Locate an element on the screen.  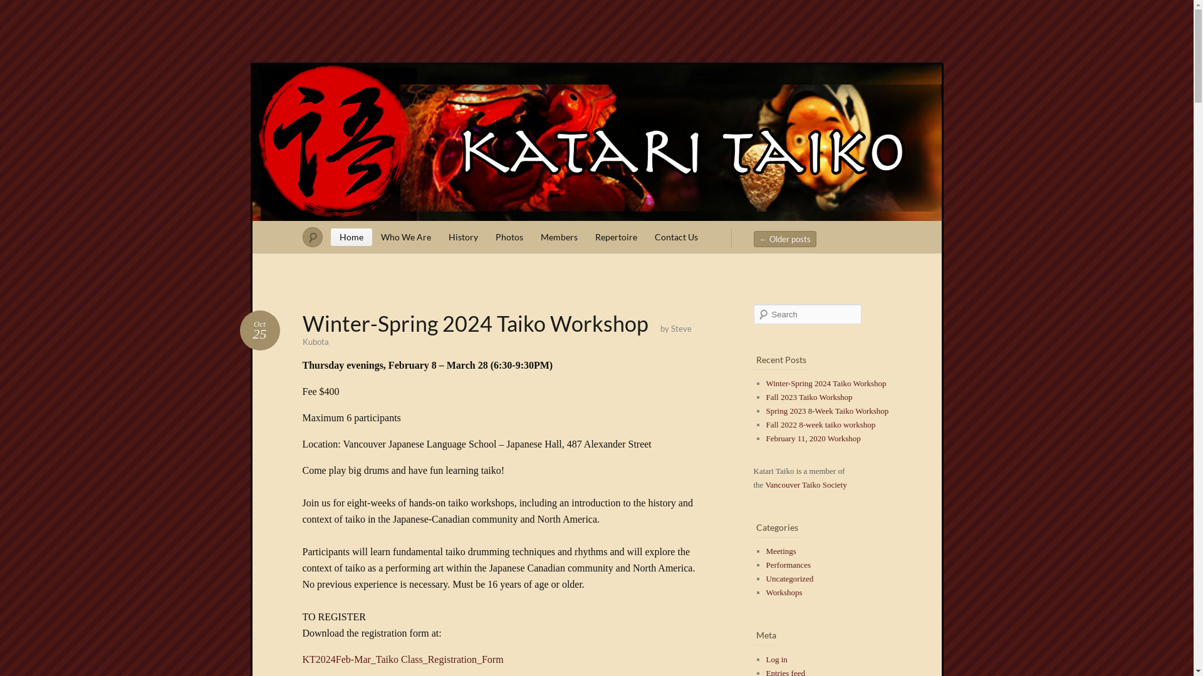
'Oct is located at coordinates (258, 330).